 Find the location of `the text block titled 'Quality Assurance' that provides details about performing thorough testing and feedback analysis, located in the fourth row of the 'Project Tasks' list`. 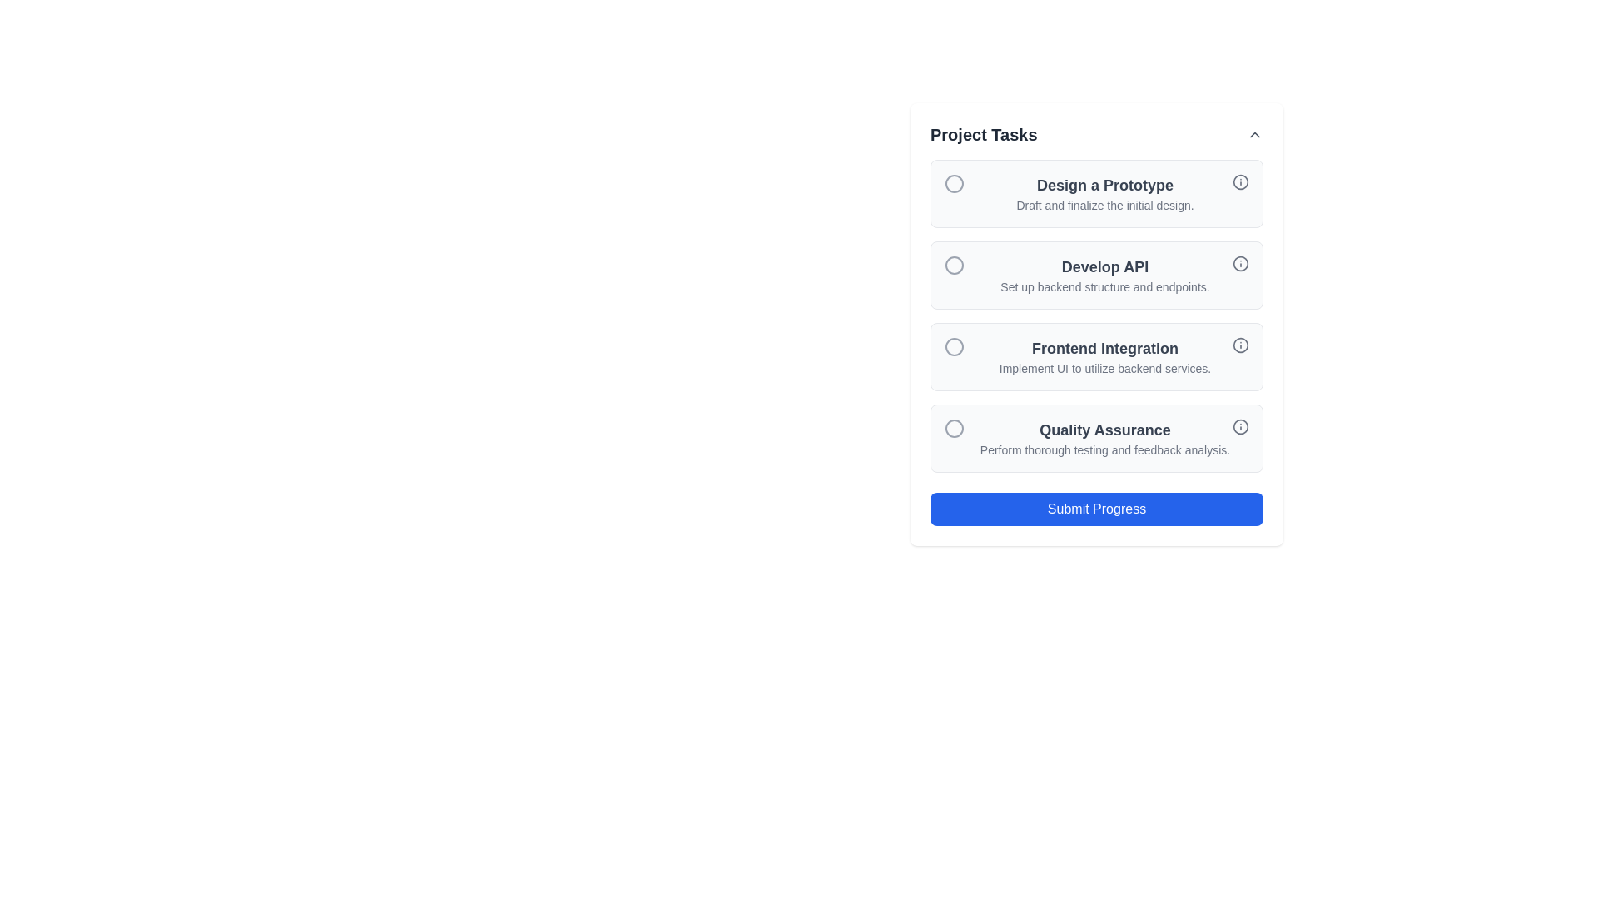

the text block titled 'Quality Assurance' that provides details about performing thorough testing and feedback analysis, located in the fourth row of the 'Project Tasks' list is located at coordinates (1105, 438).